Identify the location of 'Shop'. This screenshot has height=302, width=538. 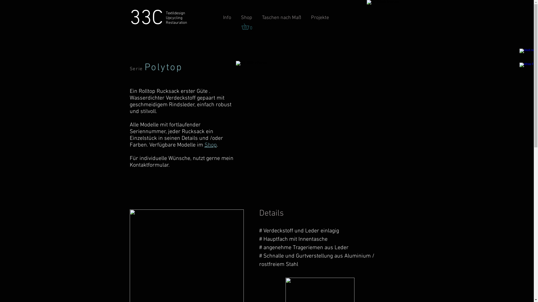
(246, 18).